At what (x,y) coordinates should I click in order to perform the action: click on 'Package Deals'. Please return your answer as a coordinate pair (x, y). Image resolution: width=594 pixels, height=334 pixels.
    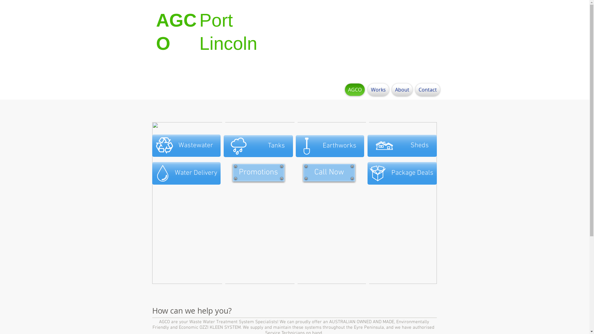
    Looking at the image, I should click on (368, 173).